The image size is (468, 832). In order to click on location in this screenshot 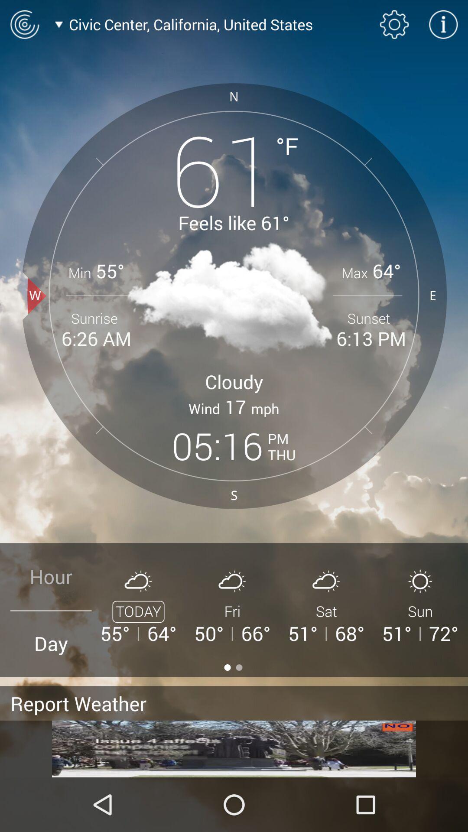, I will do `click(24, 24)`.